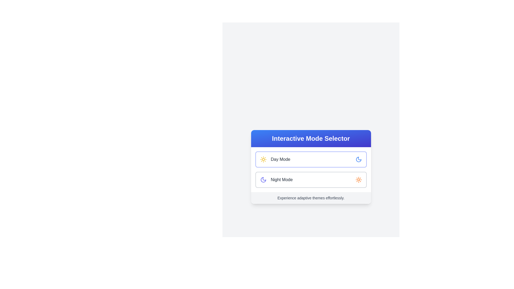  What do you see at coordinates (311, 159) in the screenshot?
I see `the mode option Day Mode to see the hover effect` at bounding box center [311, 159].